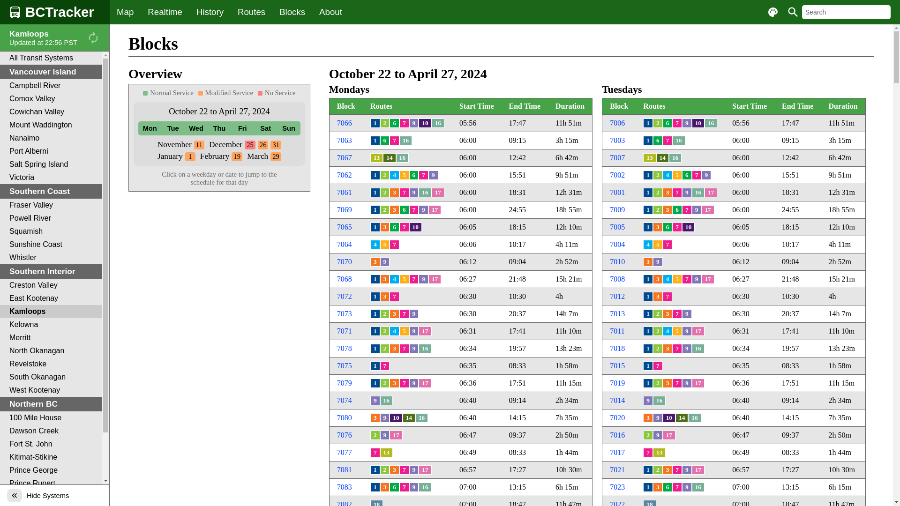 This screenshot has height=506, width=900. What do you see at coordinates (386, 452) in the screenshot?
I see `'13'` at bounding box center [386, 452].